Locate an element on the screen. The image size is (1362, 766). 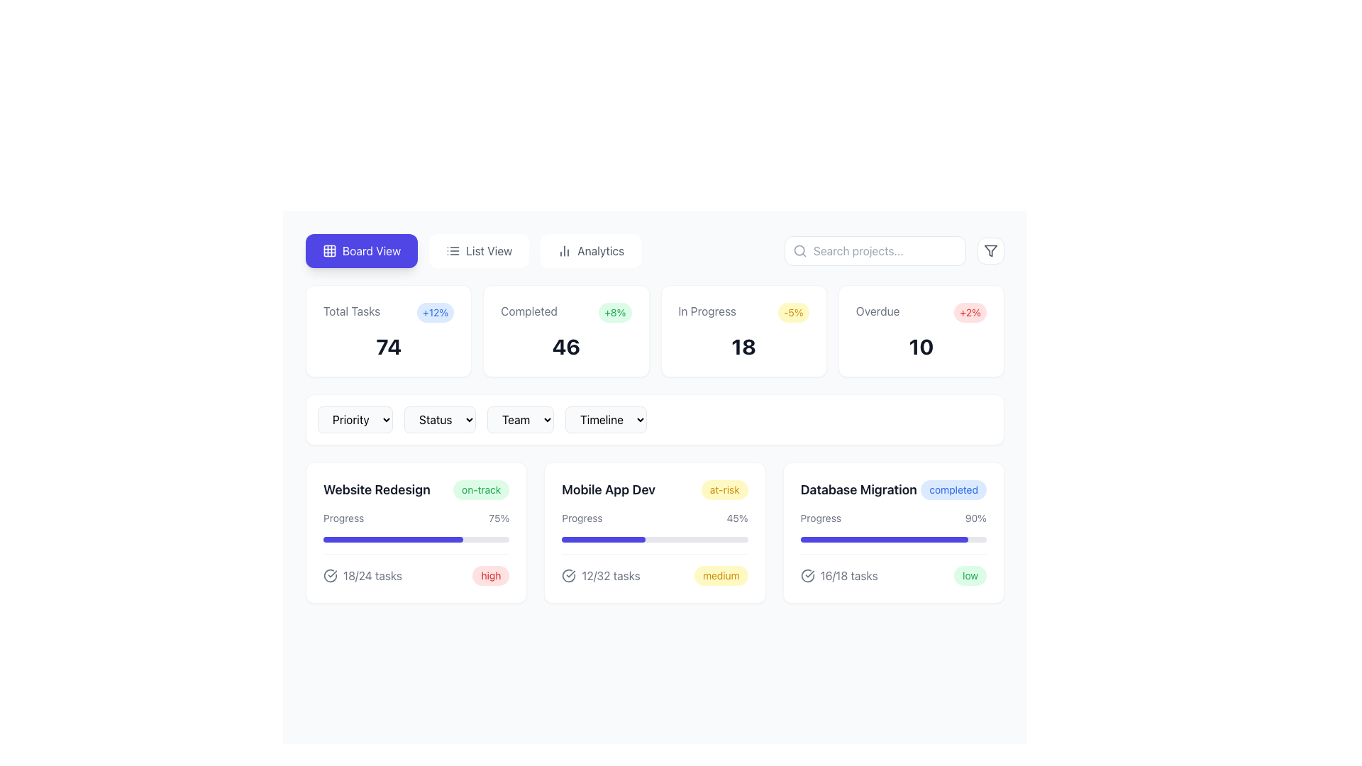
the numeral '10' displayed in the 'Overdue' card in the dashboard, which indicates the count of overdue items is located at coordinates (921, 347).